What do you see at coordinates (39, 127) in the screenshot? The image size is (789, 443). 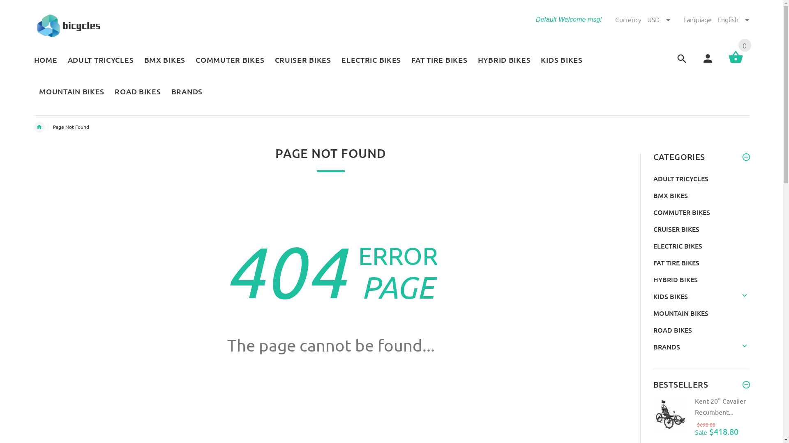 I see `'Home'` at bounding box center [39, 127].